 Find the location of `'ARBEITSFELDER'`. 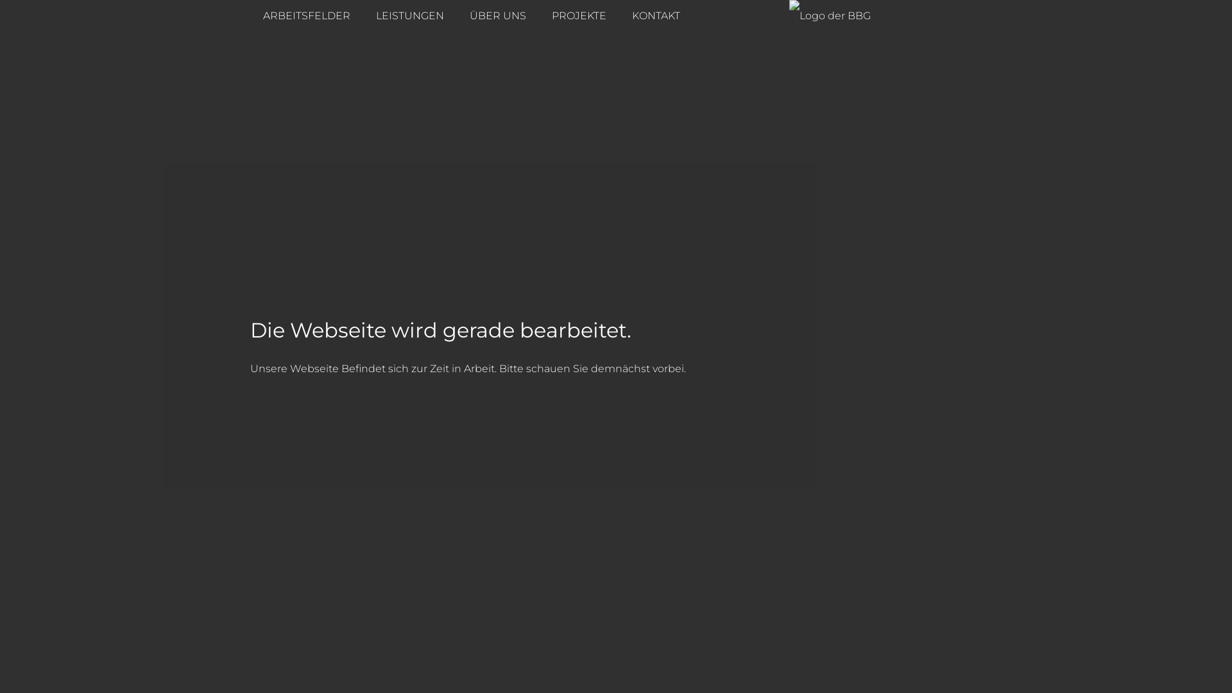

'ARBEITSFELDER' is located at coordinates (306, 15).